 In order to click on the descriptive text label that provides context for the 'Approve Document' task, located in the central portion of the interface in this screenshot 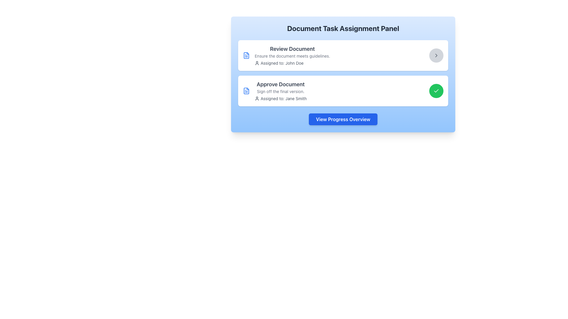, I will do `click(280, 91)`.